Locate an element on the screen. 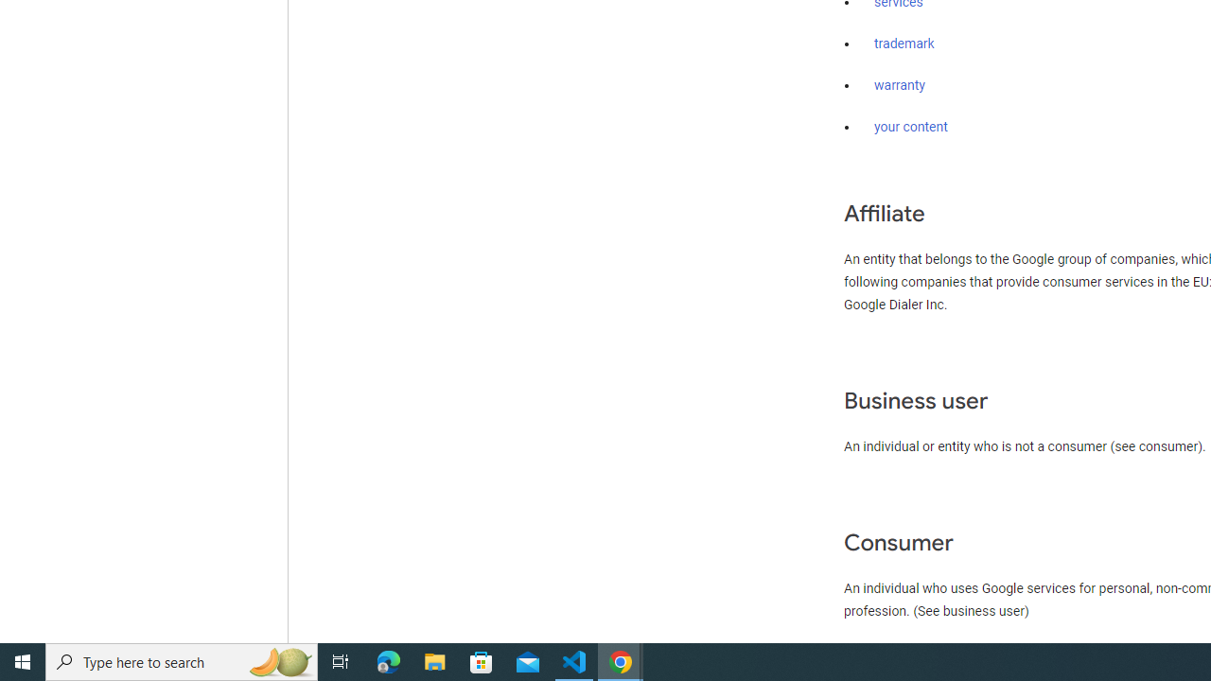  'trademark' is located at coordinates (904, 44).